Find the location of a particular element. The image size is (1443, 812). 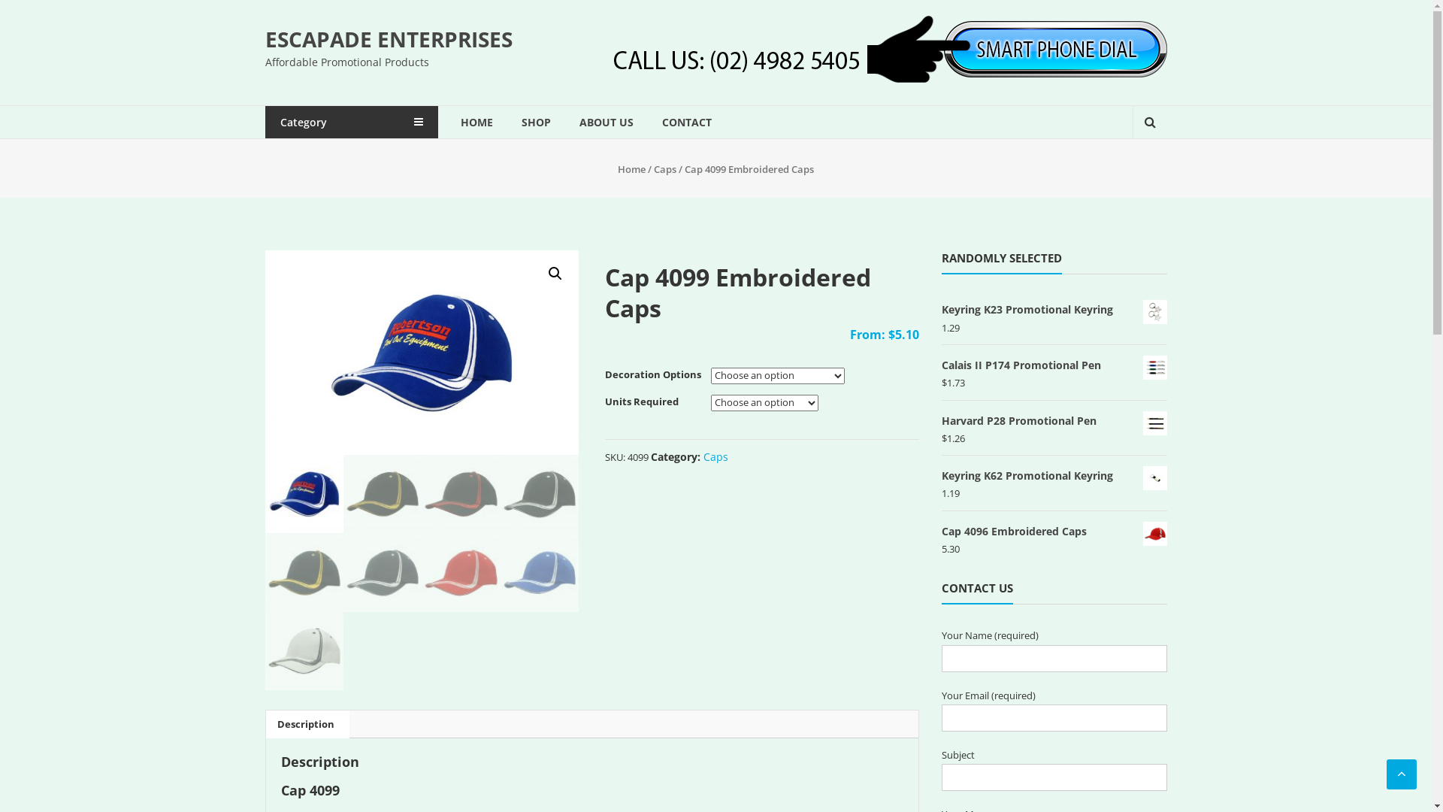

'Home' is located at coordinates (631, 168).